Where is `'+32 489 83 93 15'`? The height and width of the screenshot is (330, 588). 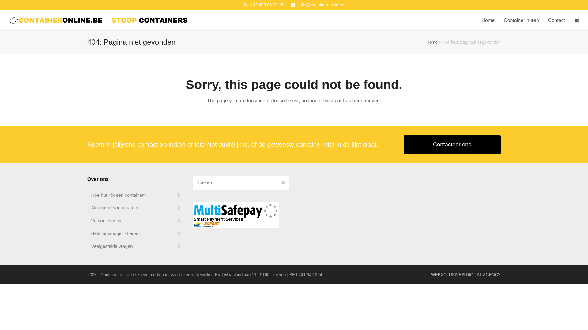 '+32 489 83 93 15' is located at coordinates (267, 5).